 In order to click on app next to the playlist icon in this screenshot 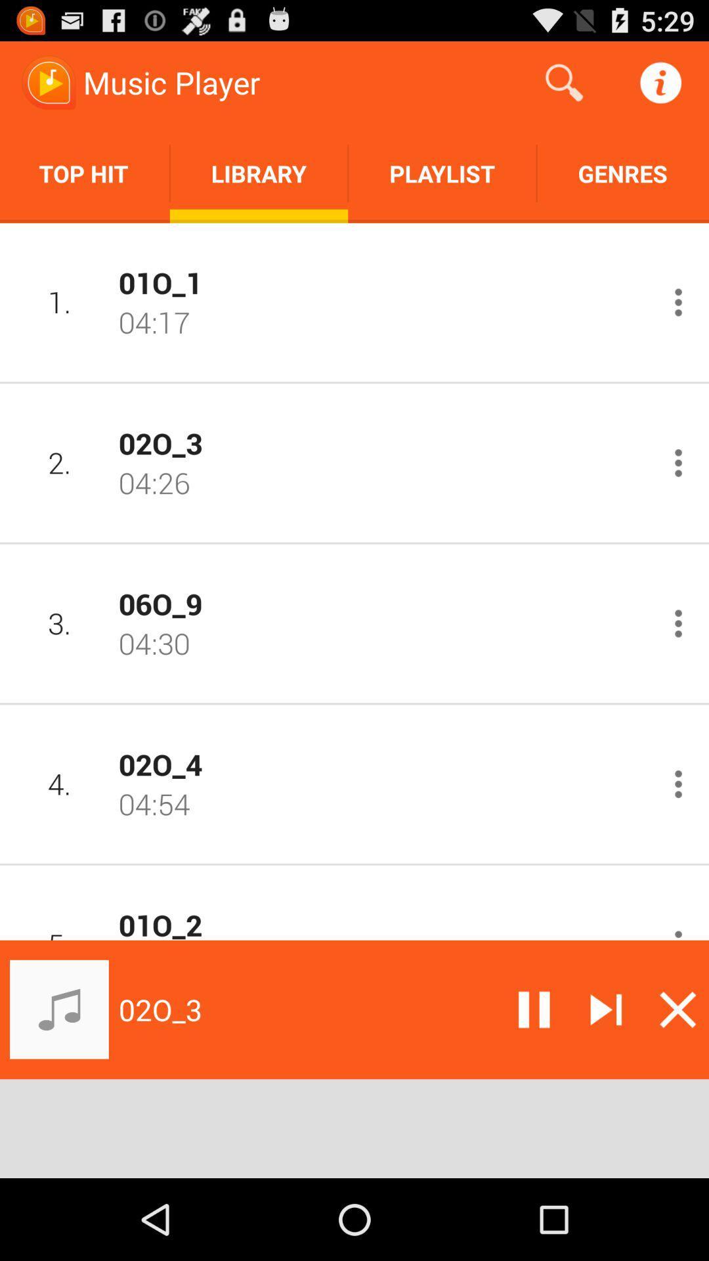, I will do `click(259, 173)`.